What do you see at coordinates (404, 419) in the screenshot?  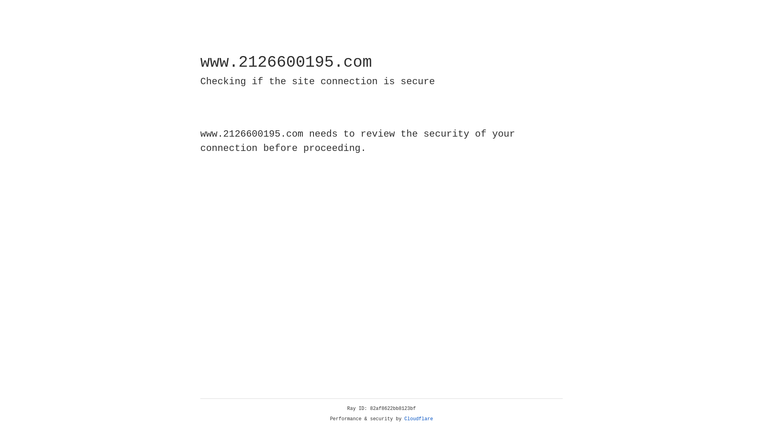 I see `'Cloudflare'` at bounding box center [404, 419].